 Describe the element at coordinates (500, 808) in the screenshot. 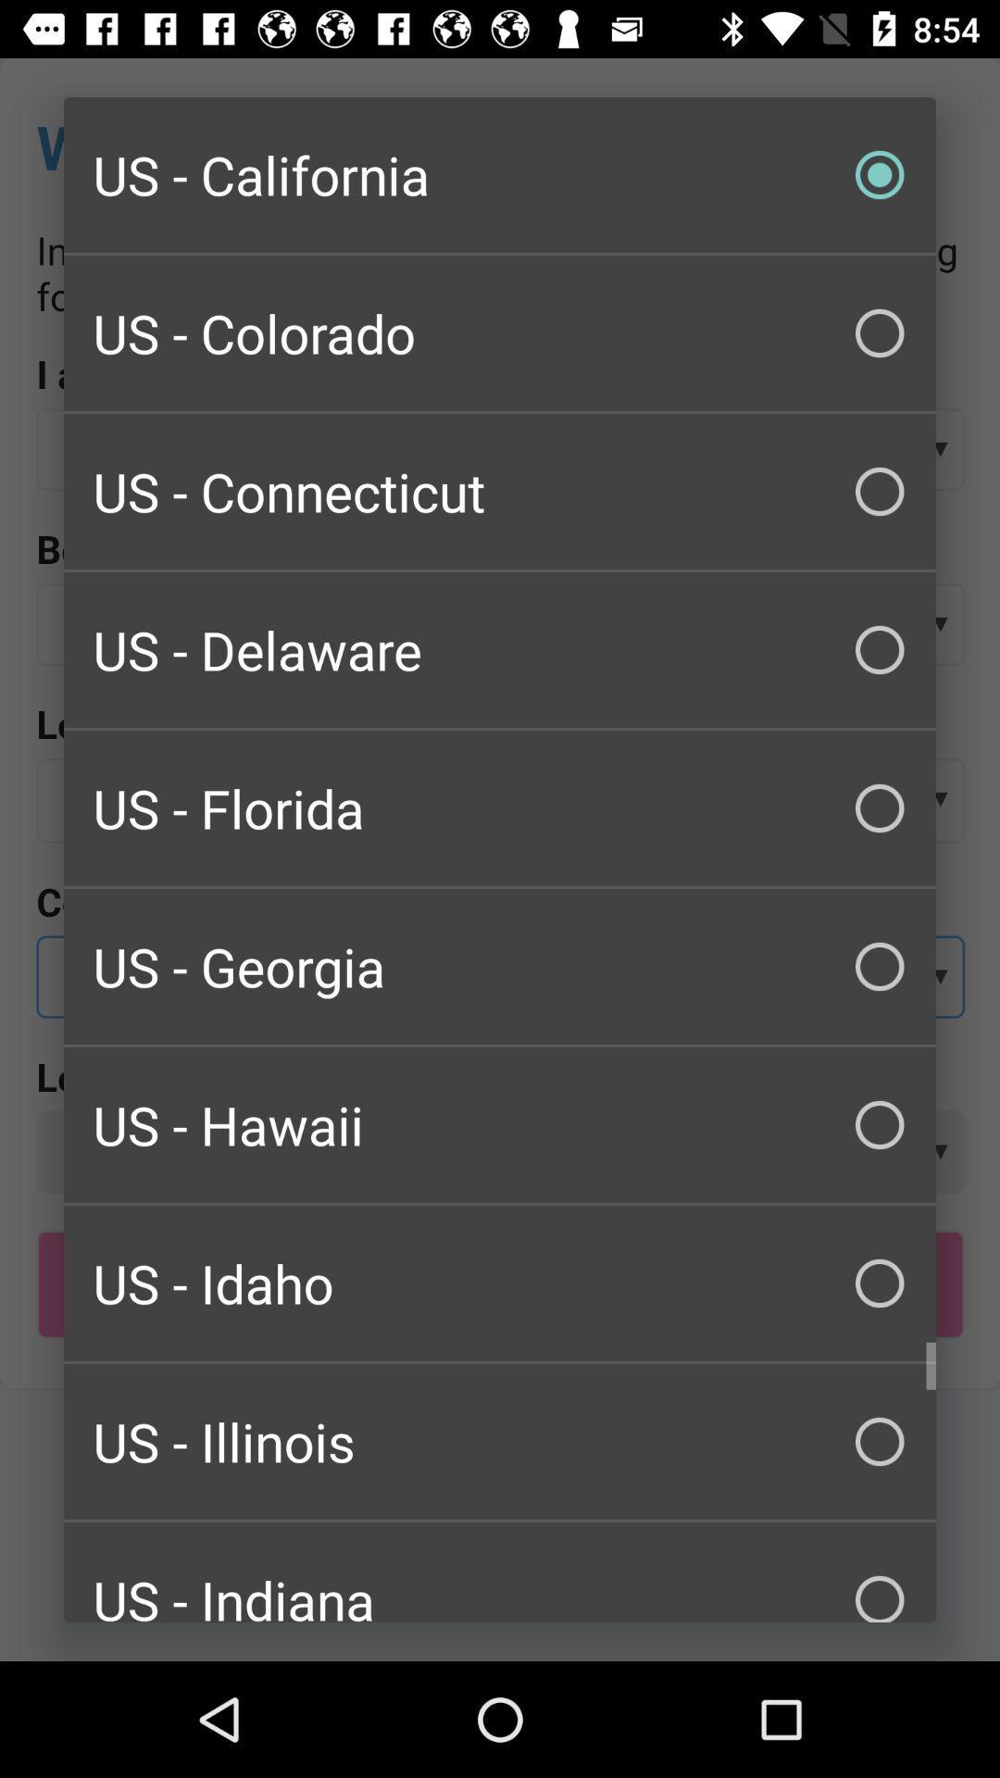

I see `the item below us - delaware` at that location.